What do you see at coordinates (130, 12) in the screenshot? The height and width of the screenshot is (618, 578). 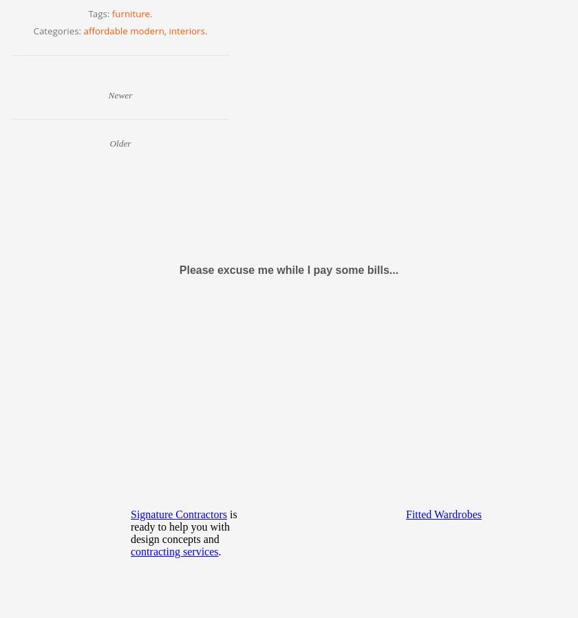 I see `'furniture'` at bounding box center [130, 12].